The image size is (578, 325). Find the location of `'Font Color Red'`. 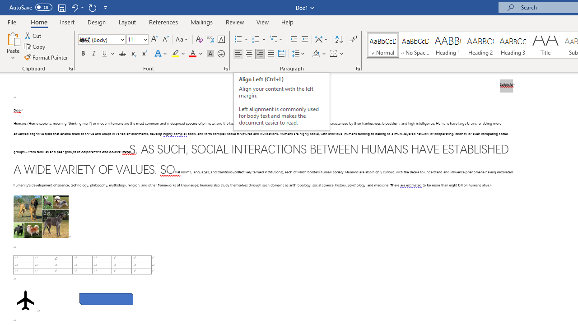

'Font Color Red' is located at coordinates (192, 54).